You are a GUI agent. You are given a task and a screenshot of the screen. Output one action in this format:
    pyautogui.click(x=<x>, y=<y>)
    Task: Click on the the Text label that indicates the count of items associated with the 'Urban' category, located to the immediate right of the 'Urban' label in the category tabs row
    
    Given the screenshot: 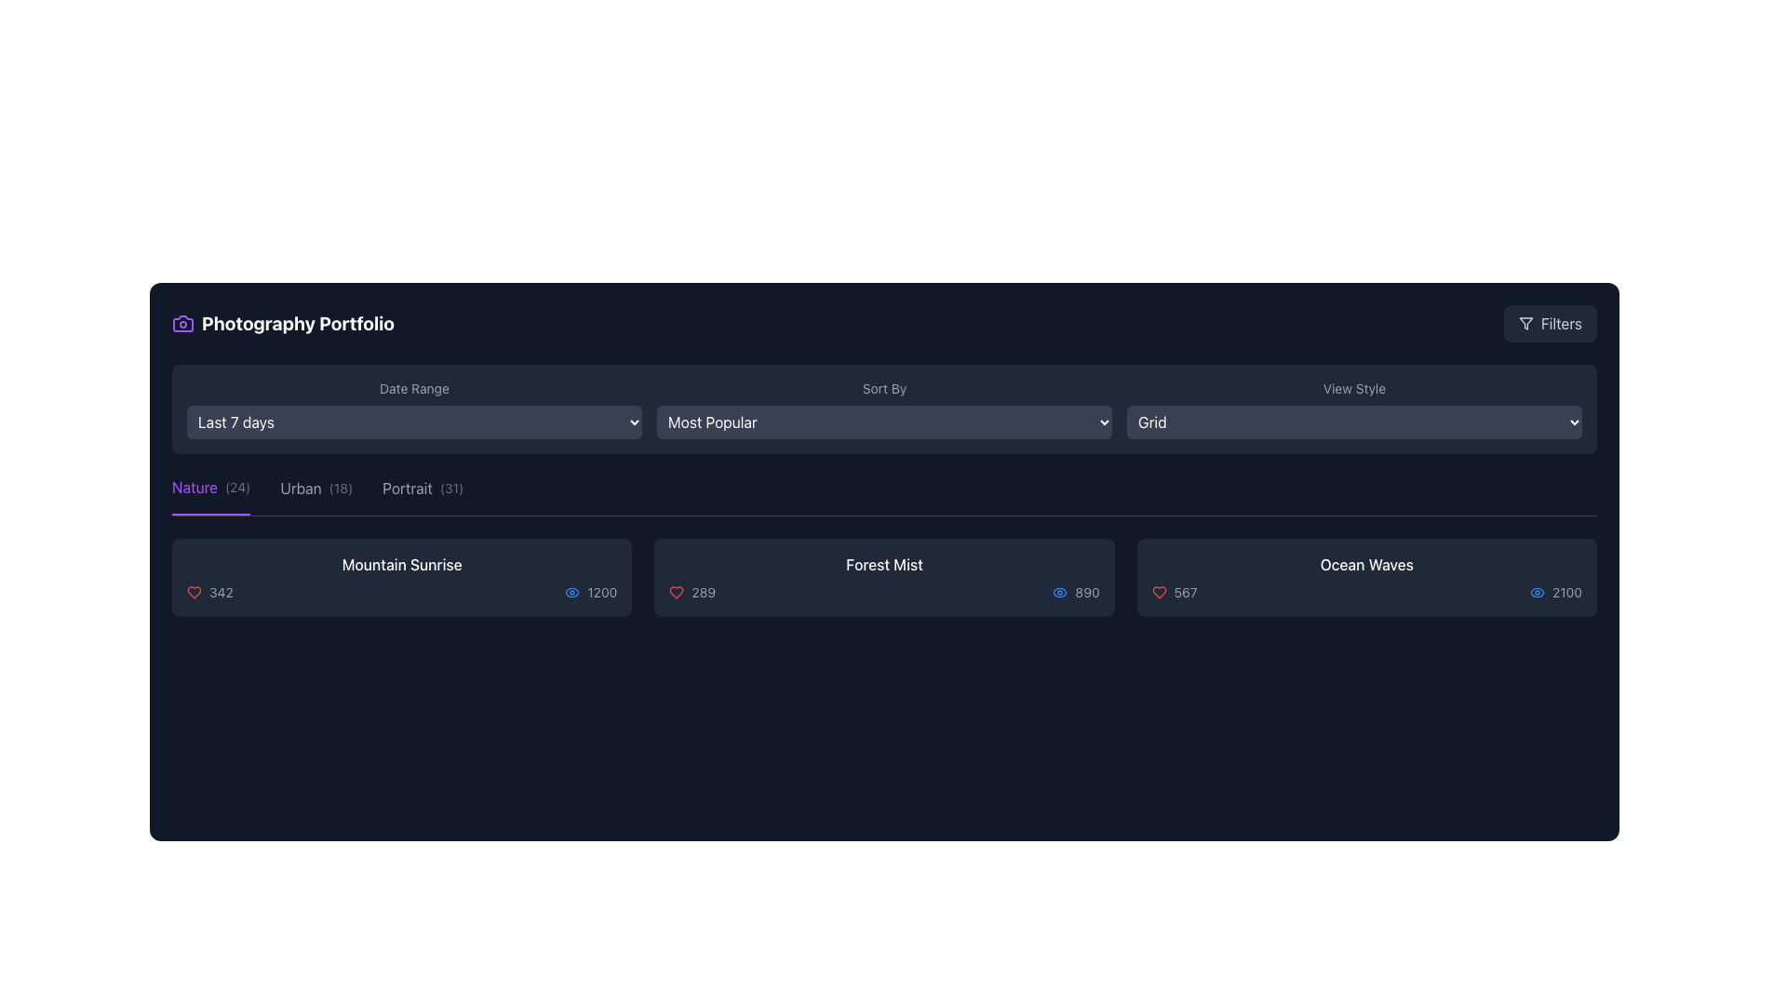 What is the action you would take?
    pyautogui.click(x=341, y=487)
    